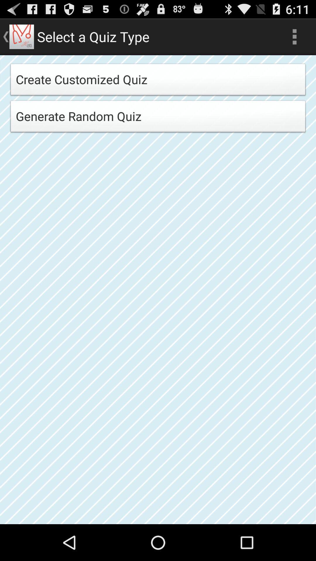 The height and width of the screenshot is (561, 316). What do you see at coordinates (294, 36) in the screenshot?
I see `the icon at the top right corner` at bounding box center [294, 36].